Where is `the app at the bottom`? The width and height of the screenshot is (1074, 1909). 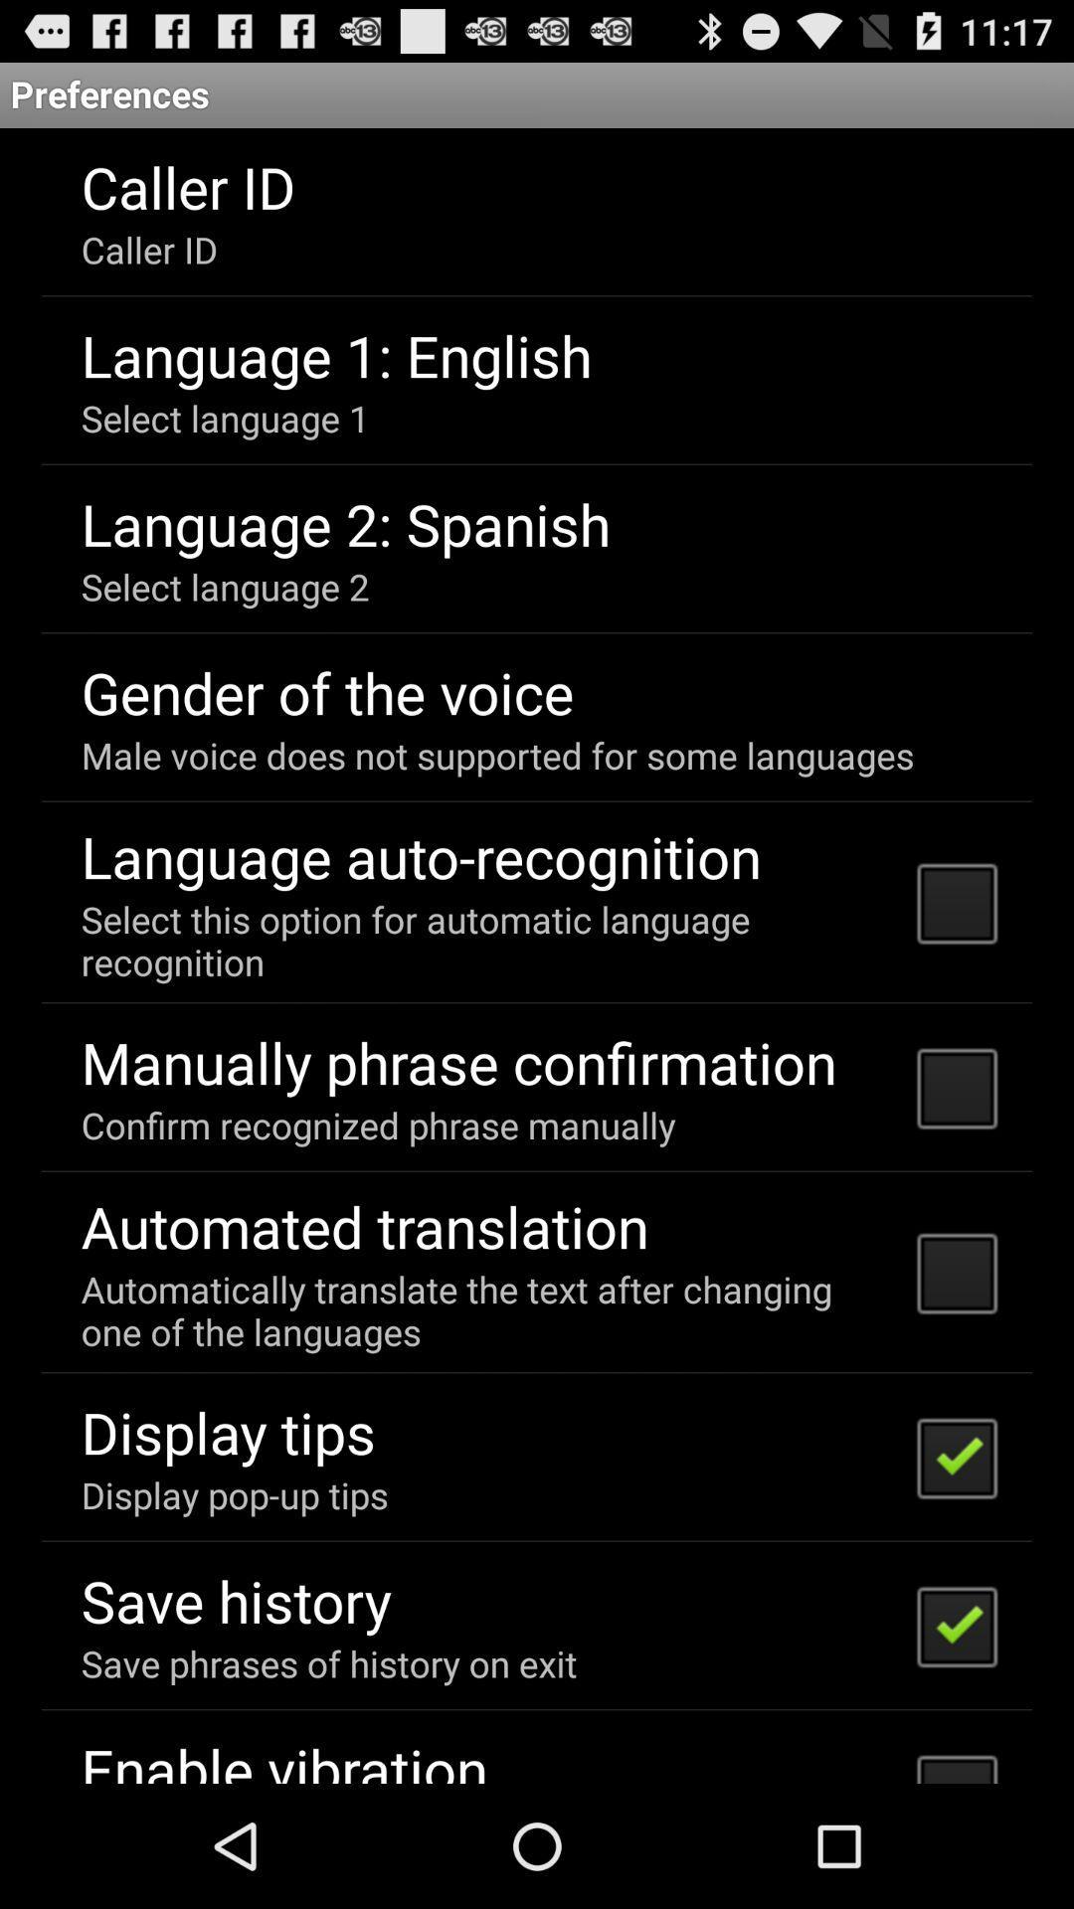 the app at the bottom is located at coordinates (486, 1310).